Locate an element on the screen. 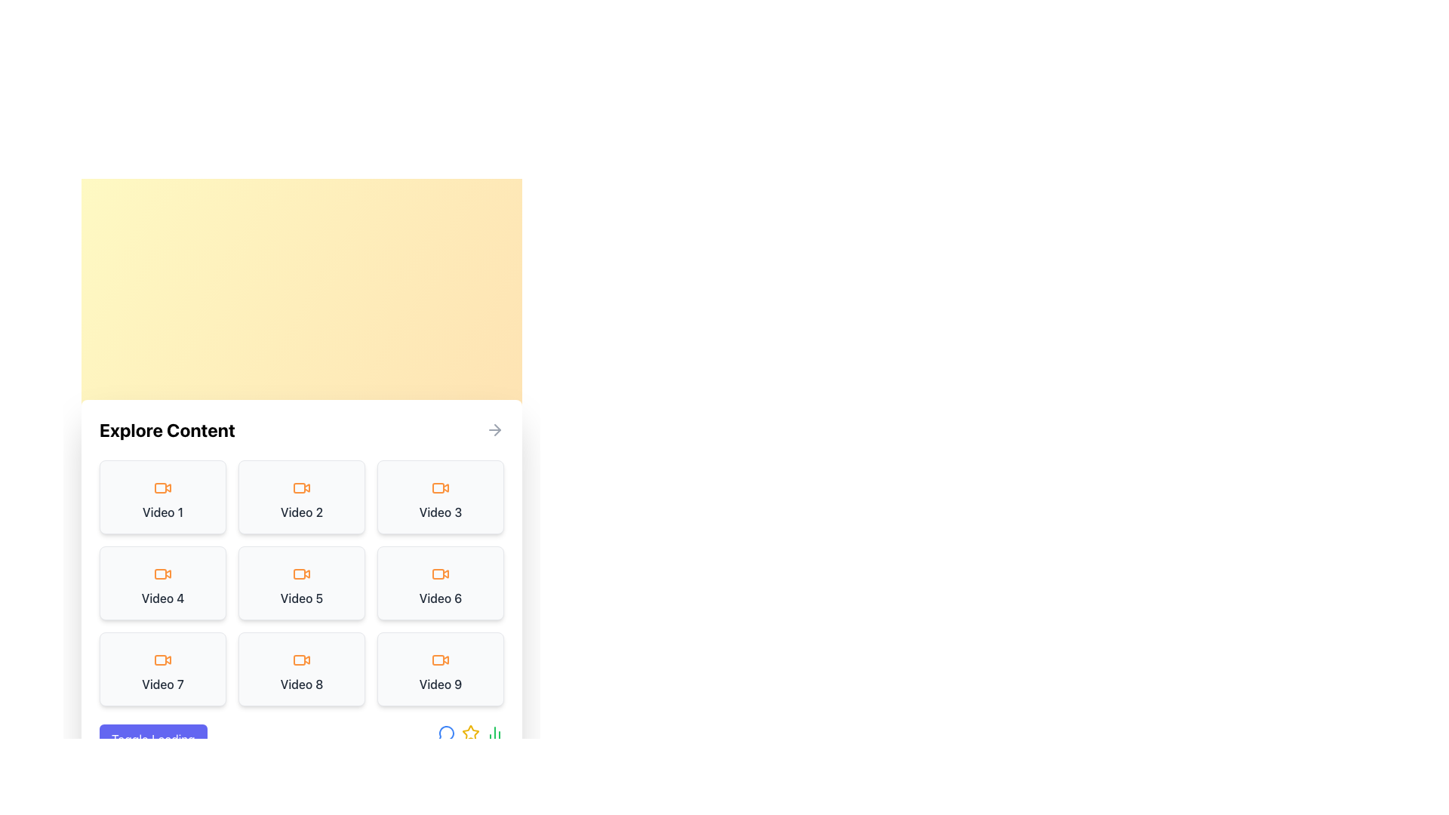 The height and width of the screenshot is (815, 1449). the small orange video icon that resembles a camera, located under the 'Explore Content' heading in the second card labeled 'Video 2' is located at coordinates (301, 488).